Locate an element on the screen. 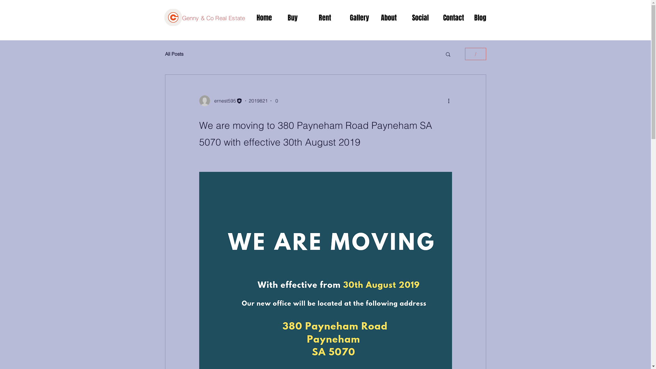 This screenshot has height=369, width=656. 'Genny & Co Real Estate' is located at coordinates (182, 17).